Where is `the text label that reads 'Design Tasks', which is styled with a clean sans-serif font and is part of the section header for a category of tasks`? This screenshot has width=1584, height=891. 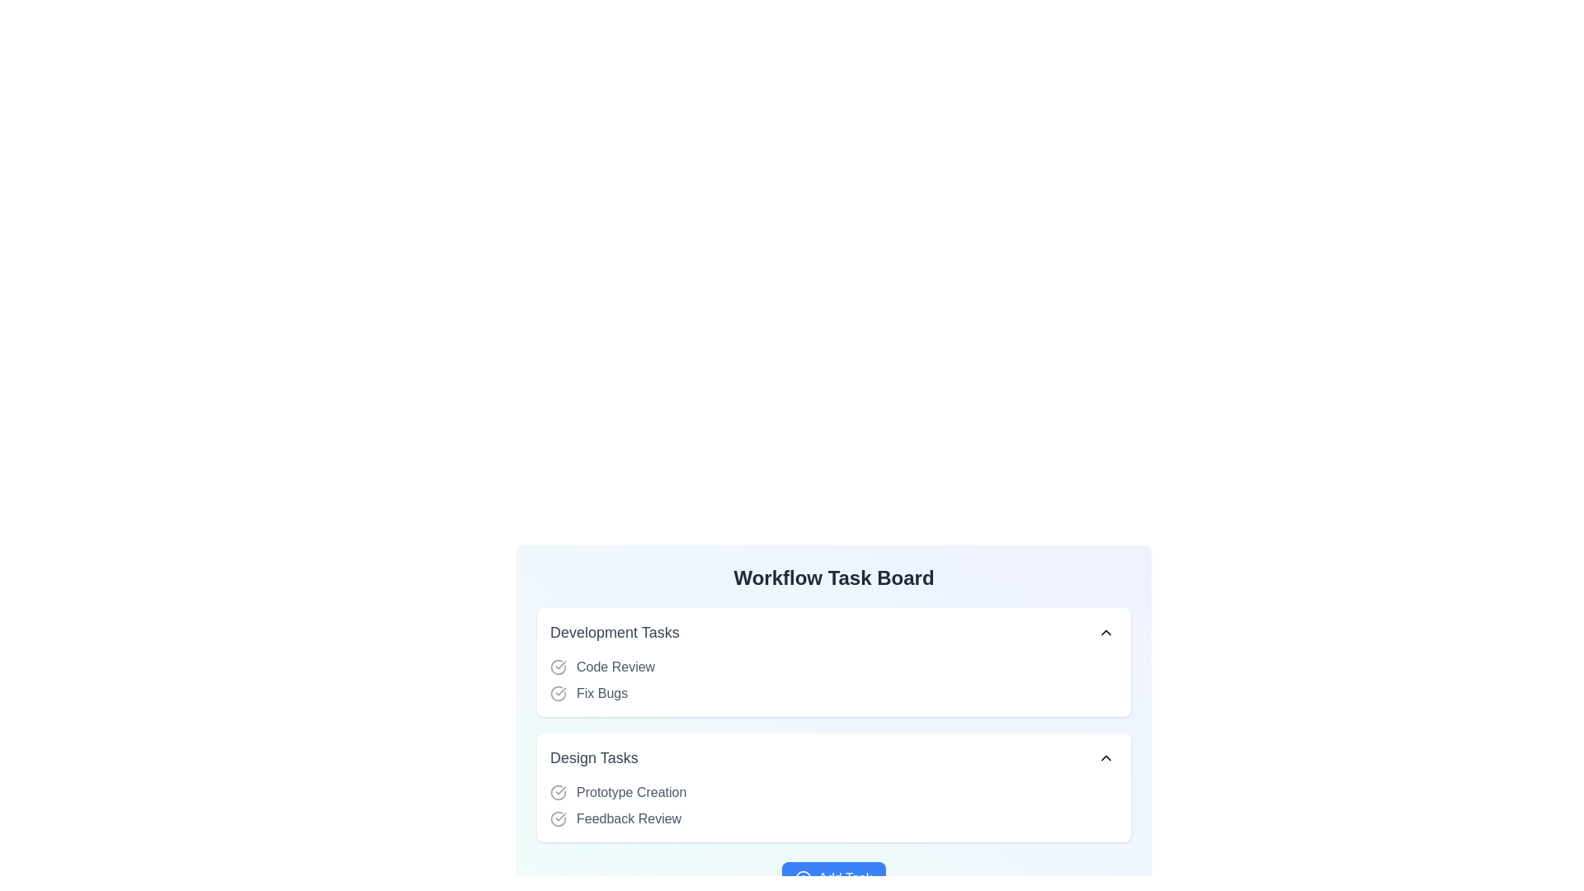 the text label that reads 'Design Tasks', which is styled with a clean sans-serif font and is part of the section header for a category of tasks is located at coordinates (594, 757).